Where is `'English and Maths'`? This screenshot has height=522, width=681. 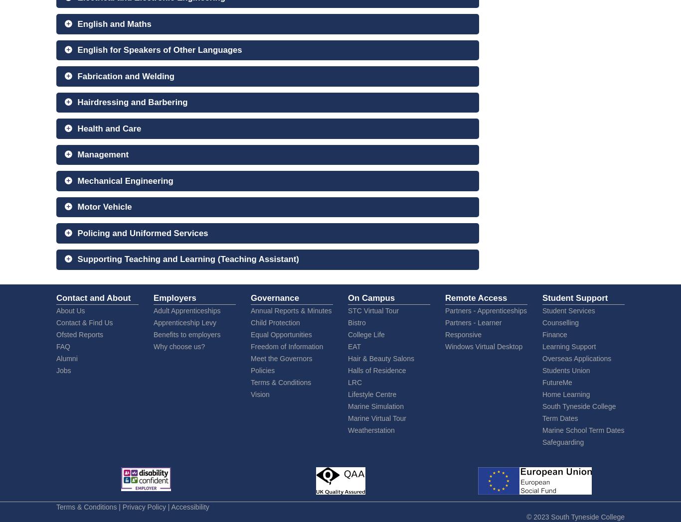
'English and Maths' is located at coordinates (77, 23).